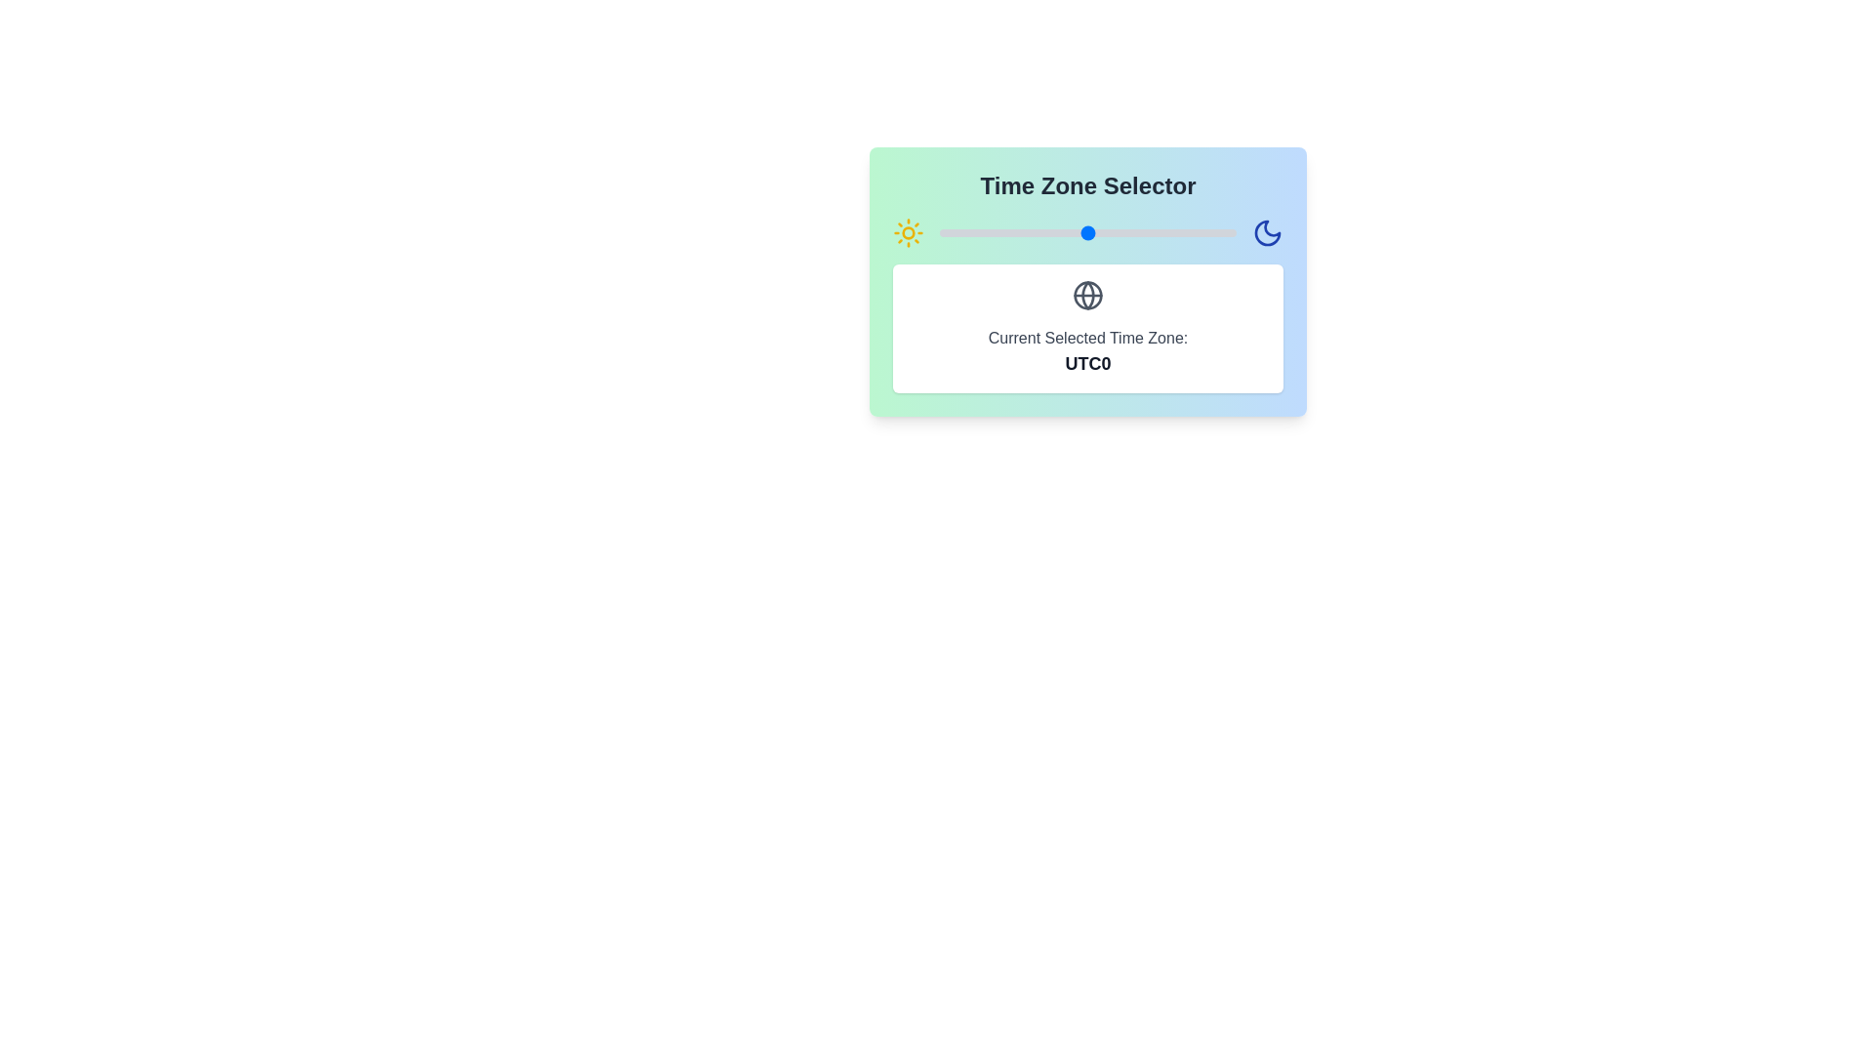 Image resolution: width=1874 pixels, height=1054 pixels. I want to click on the globe icon located in the center of the 'Time Zone Selector' area, positioned above the current selected time zone text, so click(1086, 296).